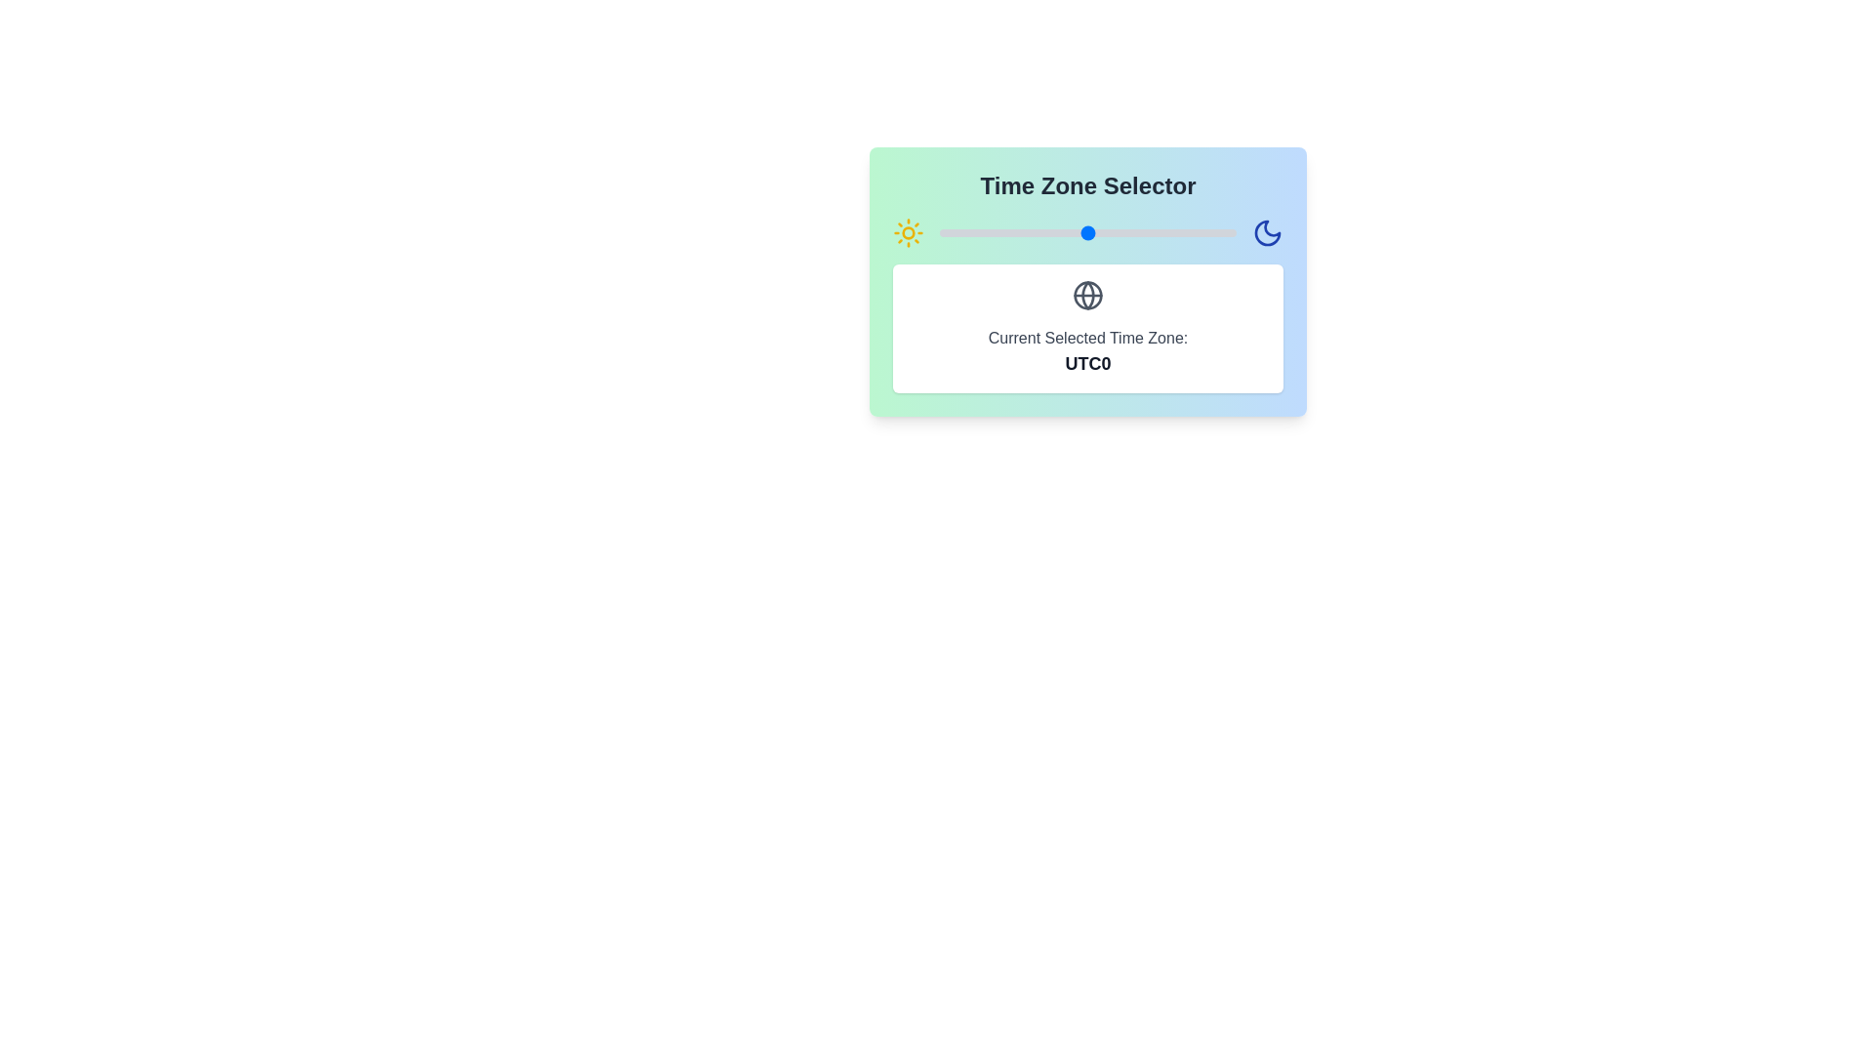 Image resolution: width=1874 pixels, height=1054 pixels. I want to click on the globe icon located in the center of the 'Time Zone Selector' area, positioned above the current selected time zone text, so click(1086, 296).